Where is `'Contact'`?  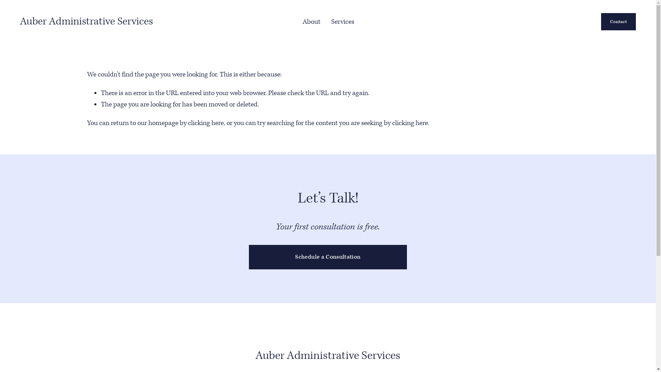 'Contact' is located at coordinates (618, 21).